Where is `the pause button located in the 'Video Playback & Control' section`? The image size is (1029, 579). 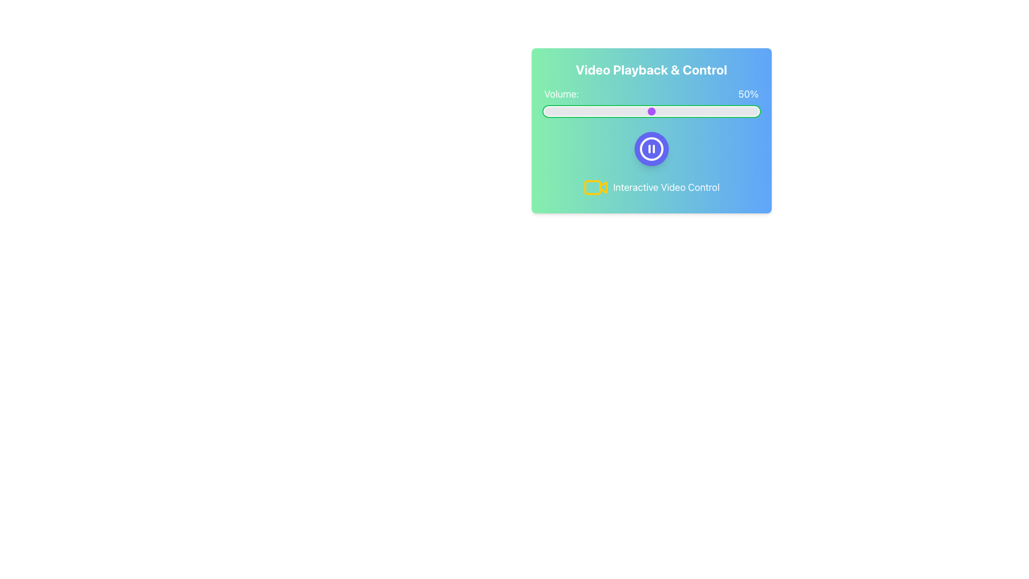 the pause button located in the 'Video Playback & Control' section is located at coordinates (651, 149).